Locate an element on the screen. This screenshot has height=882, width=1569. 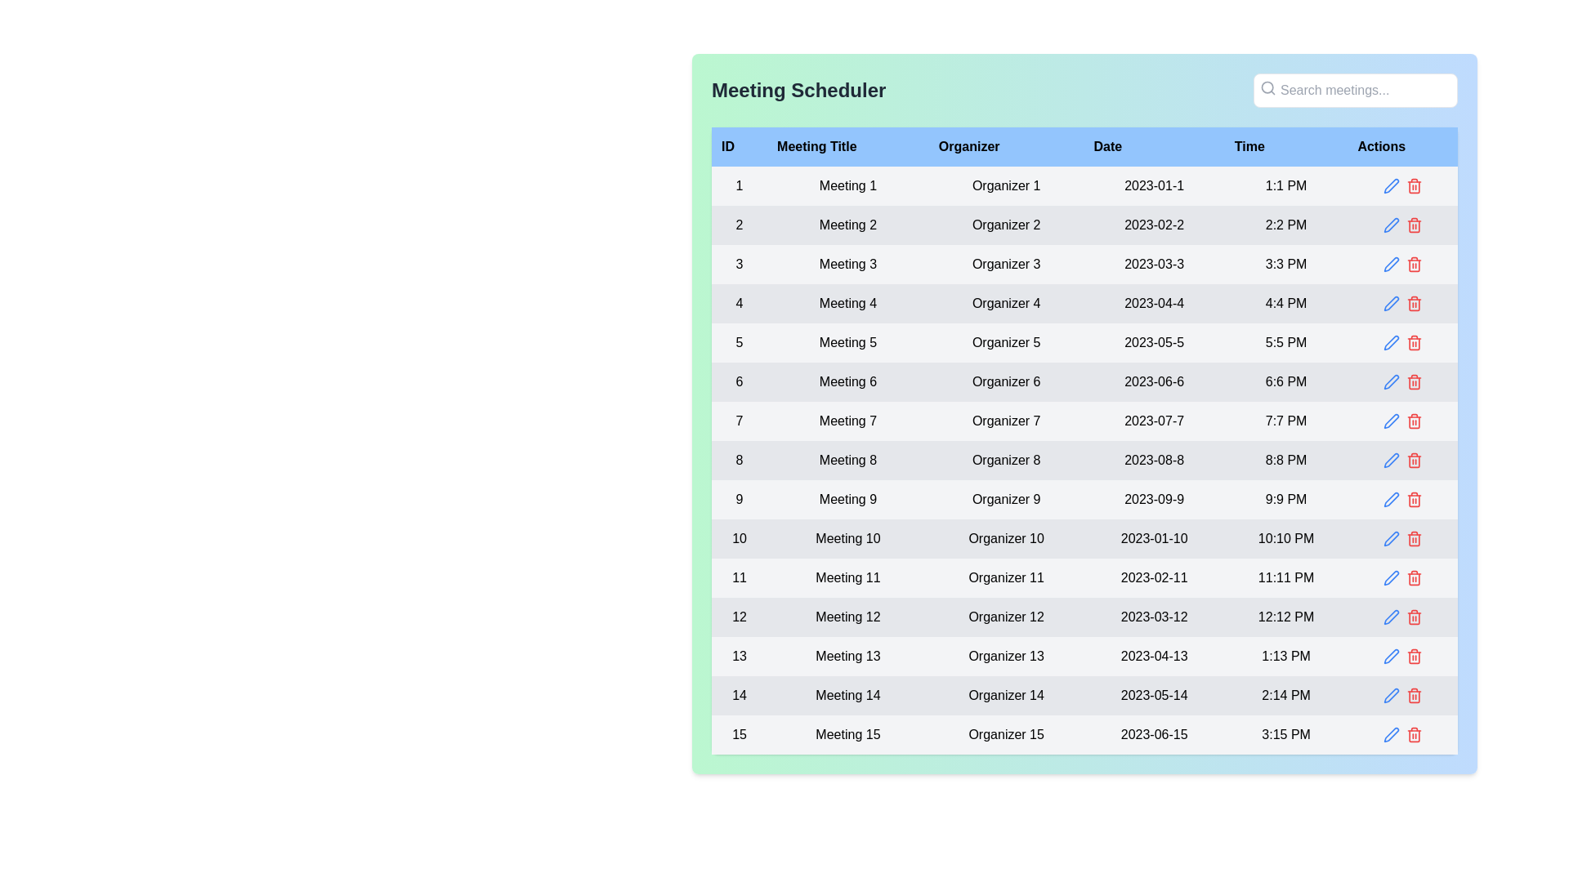
the table cell displaying the numeral '9' in bold font, which identifies the ninth row under the 'ID' header in a data table is located at coordinates (739, 499).